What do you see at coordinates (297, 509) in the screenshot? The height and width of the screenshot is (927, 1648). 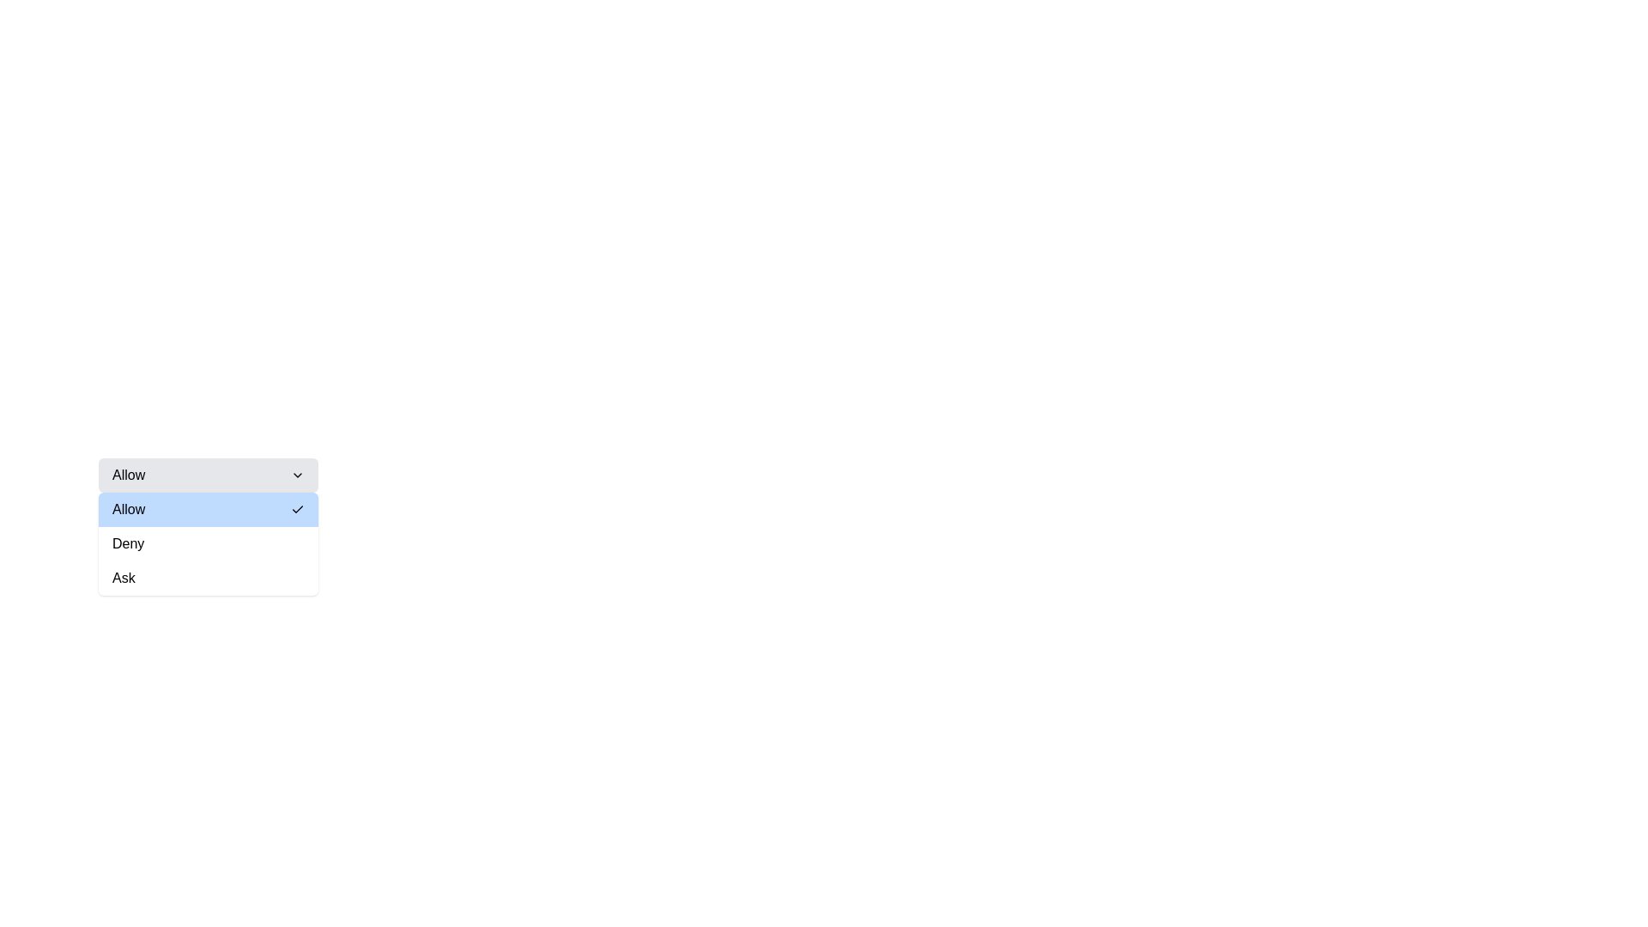 I see `the checkmark icon located to the right of the 'Allow' text to interact with the component` at bounding box center [297, 509].